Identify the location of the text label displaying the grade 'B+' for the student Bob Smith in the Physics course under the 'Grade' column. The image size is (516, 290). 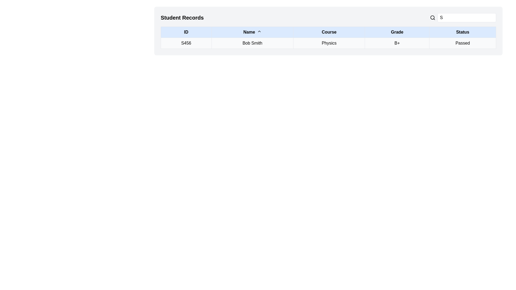
(397, 43).